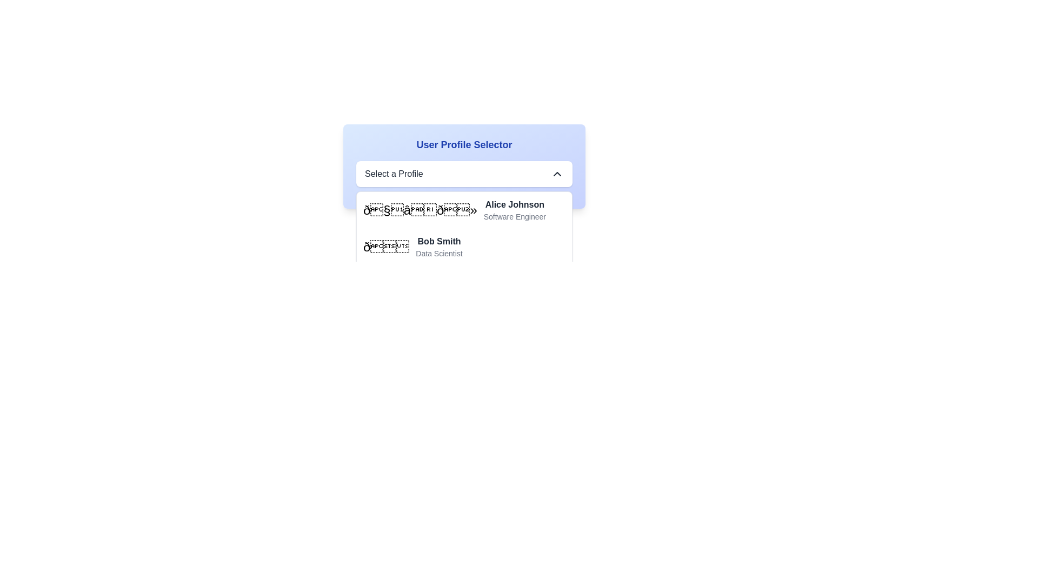  I want to click on the text label displaying the job title or role associated with Bob Smith's profile, located beneath the name in the user profile list, so click(439, 254).